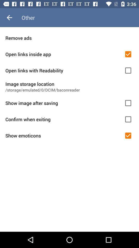  What do you see at coordinates (63, 103) in the screenshot?
I see `show image after icon` at bounding box center [63, 103].